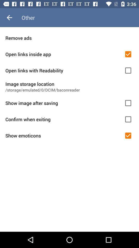  What do you see at coordinates (63, 103) in the screenshot?
I see `show image after icon` at bounding box center [63, 103].